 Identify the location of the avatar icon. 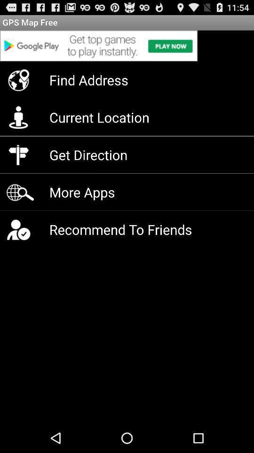
(18, 245).